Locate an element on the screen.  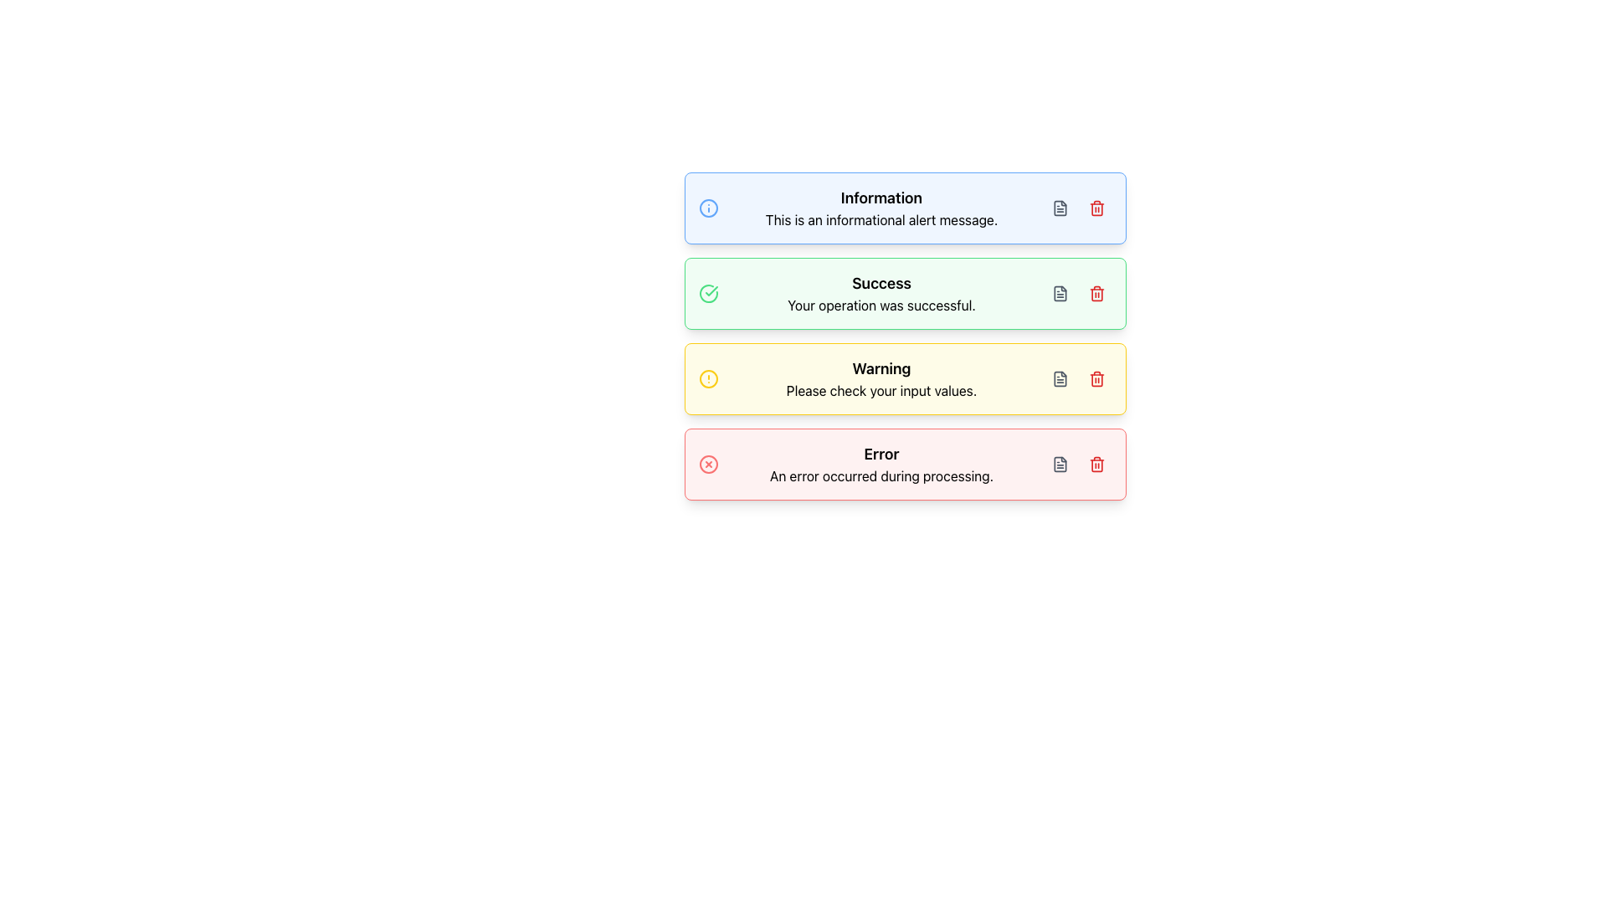
the first button on the right end of the red 'Error' alert section is located at coordinates (1059, 465).